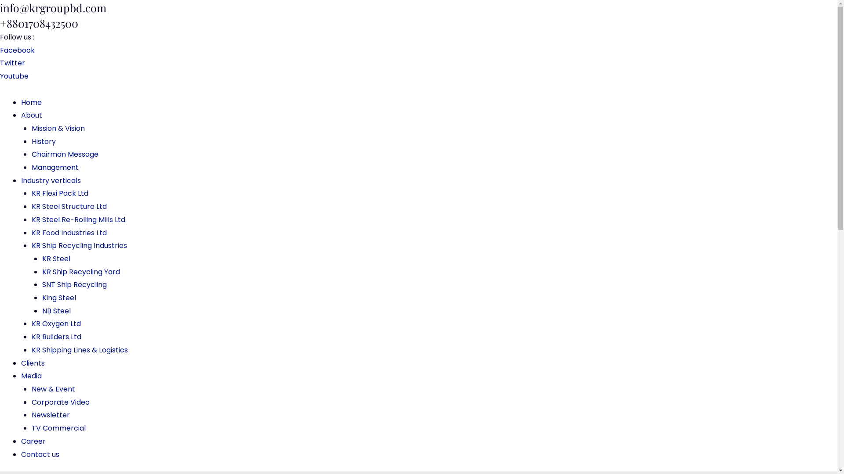  What do you see at coordinates (31, 375) in the screenshot?
I see `'Media'` at bounding box center [31, 375].